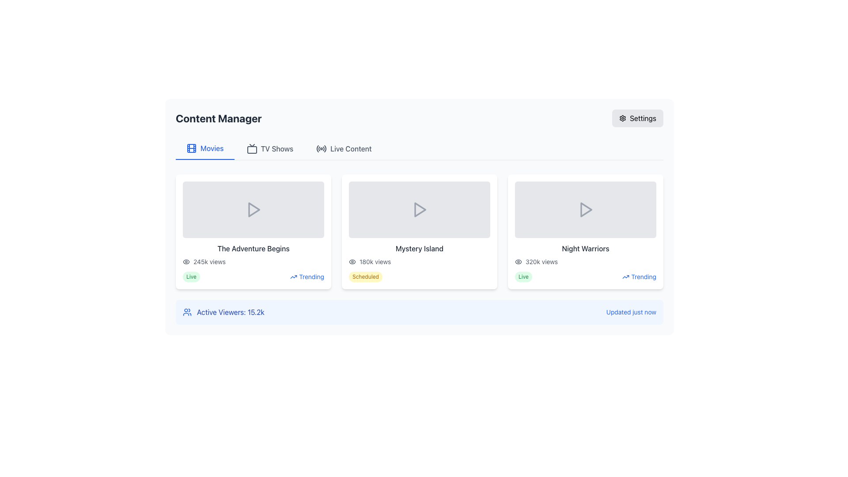 This screenshot has width=848, height=477. Describe the element at coordinates (375, 261) in the screenshot. I see `the Text label displaying the view count for the 'Mystery Island' video, located below the video thumbnail and next to an eye icon` at that location.